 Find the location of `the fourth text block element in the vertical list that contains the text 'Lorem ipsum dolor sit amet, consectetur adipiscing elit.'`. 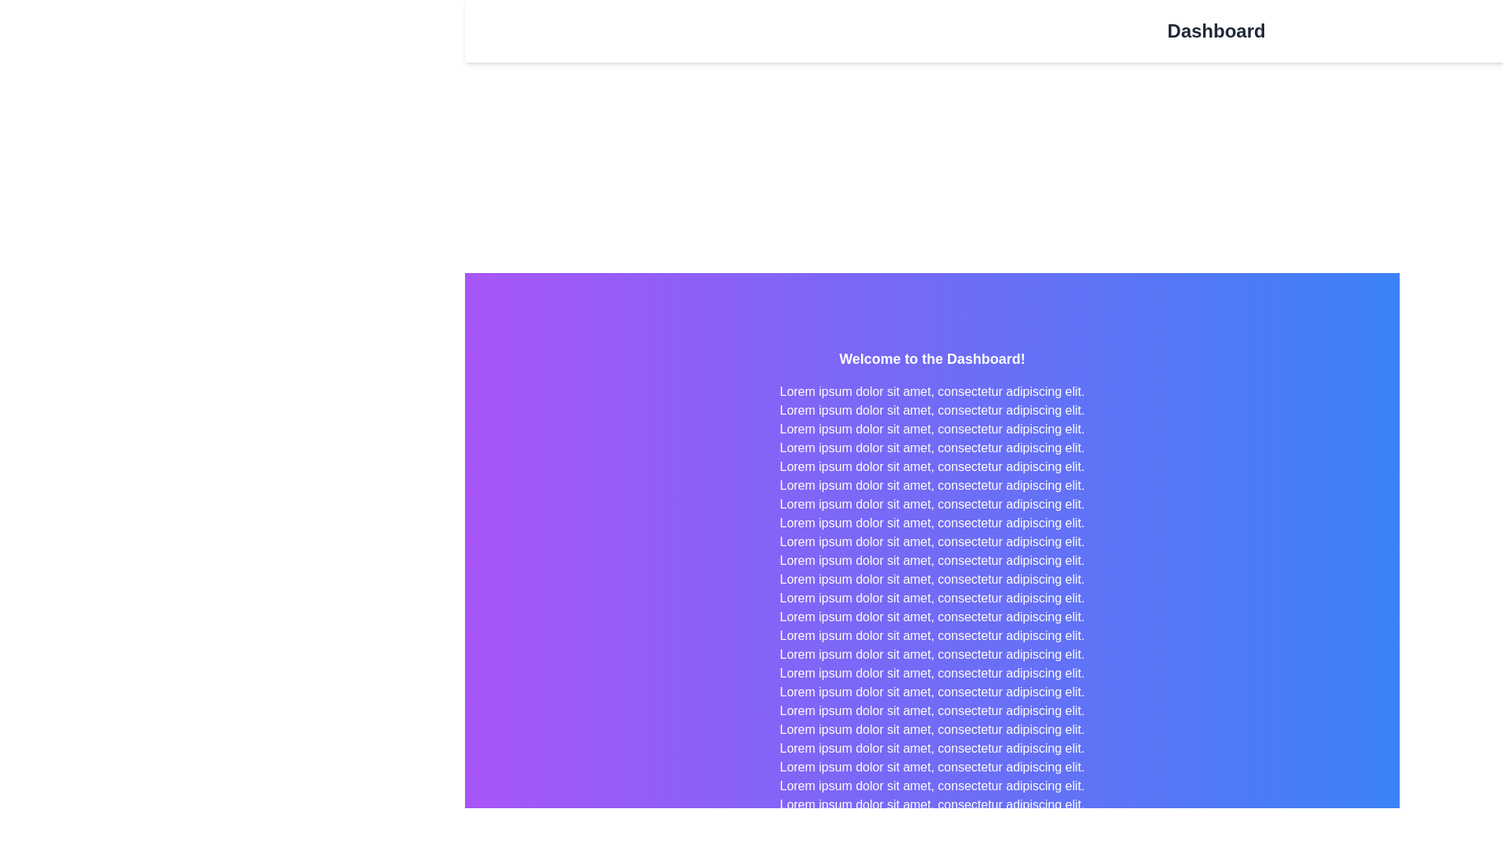

the fourth text block element in the vertical list that contains the text 'Lorem ipsum dolor sit amet, consectetur adipiscing elit.' is located at coordinates (932, 429).